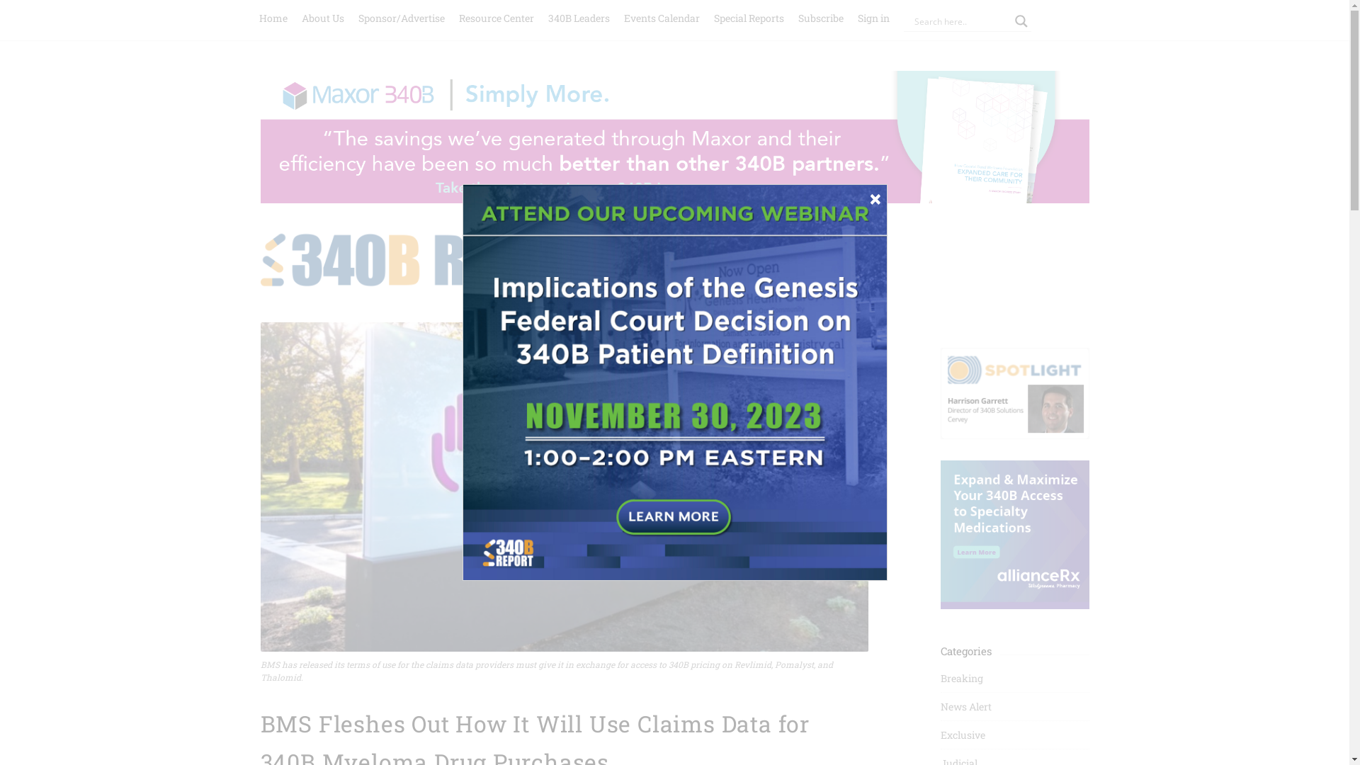 The width and height of the screenshot is (1360, 765). I want to click on 'Sign in', so click(872, 17).